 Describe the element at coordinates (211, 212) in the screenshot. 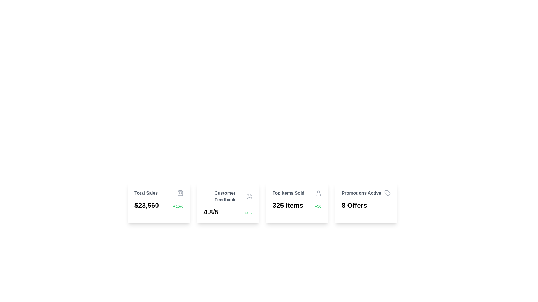

I see `the static text display representing customer feedback score located within the 'Customer Feedback' card, which is the leftmost element beneath the card's title and icon` at that location.